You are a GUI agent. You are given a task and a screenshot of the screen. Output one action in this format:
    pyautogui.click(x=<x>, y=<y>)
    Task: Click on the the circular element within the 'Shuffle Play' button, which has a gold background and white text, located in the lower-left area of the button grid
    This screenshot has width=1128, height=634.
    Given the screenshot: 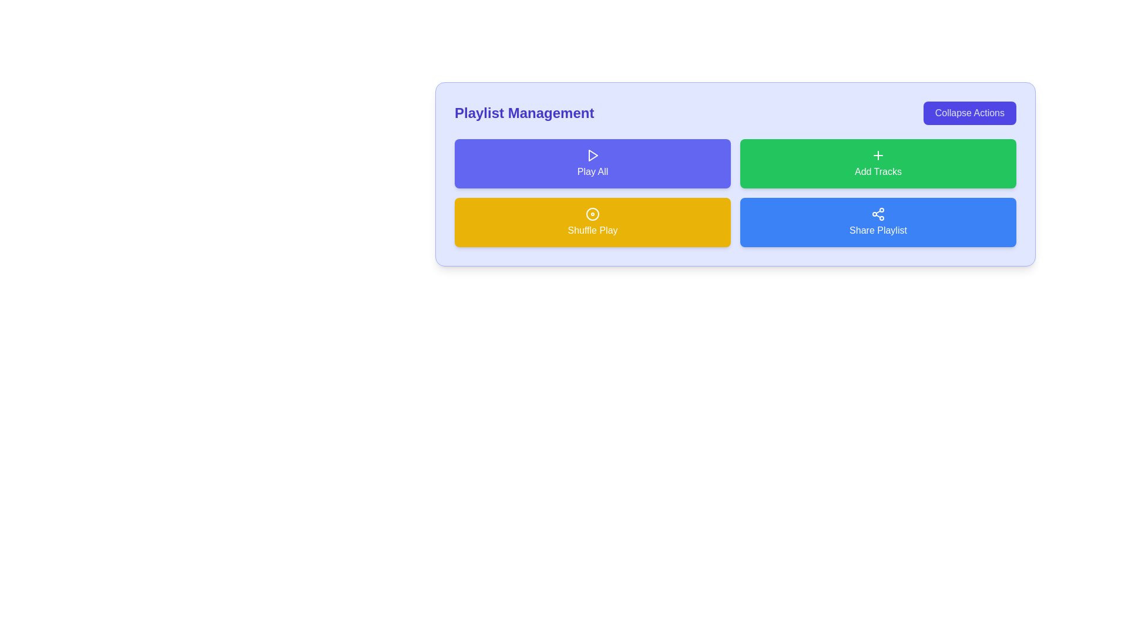 What is the action you would take?
    pyautogui.click(x=592, y=214)
    